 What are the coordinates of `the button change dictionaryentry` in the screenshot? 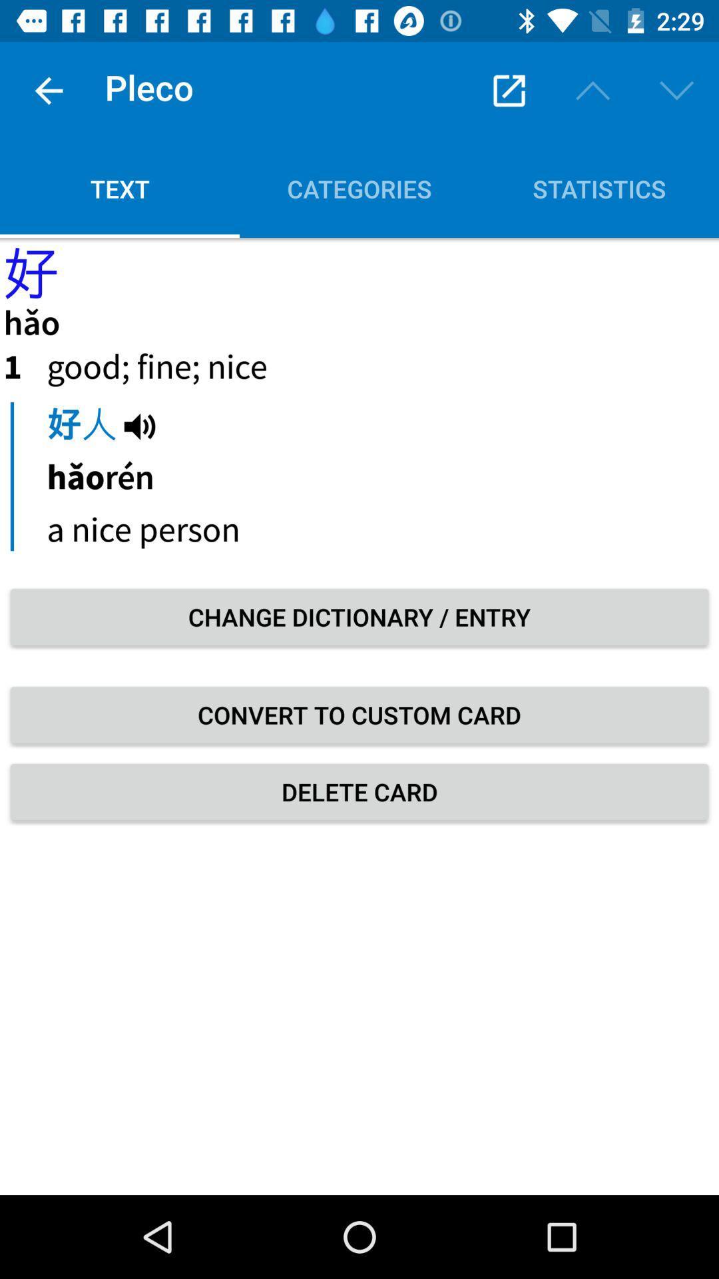 It's located at (359, 616).